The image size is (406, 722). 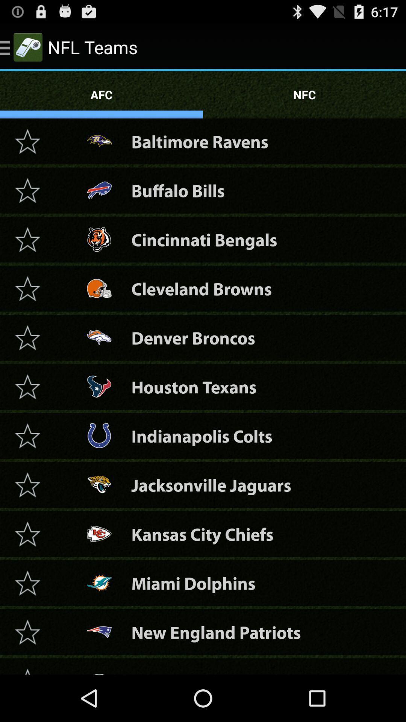 What do you see at coordinates (201, 288) in the screenshot?
I see `the item below cincinnati bengals app` at bounding box center [201, 288].